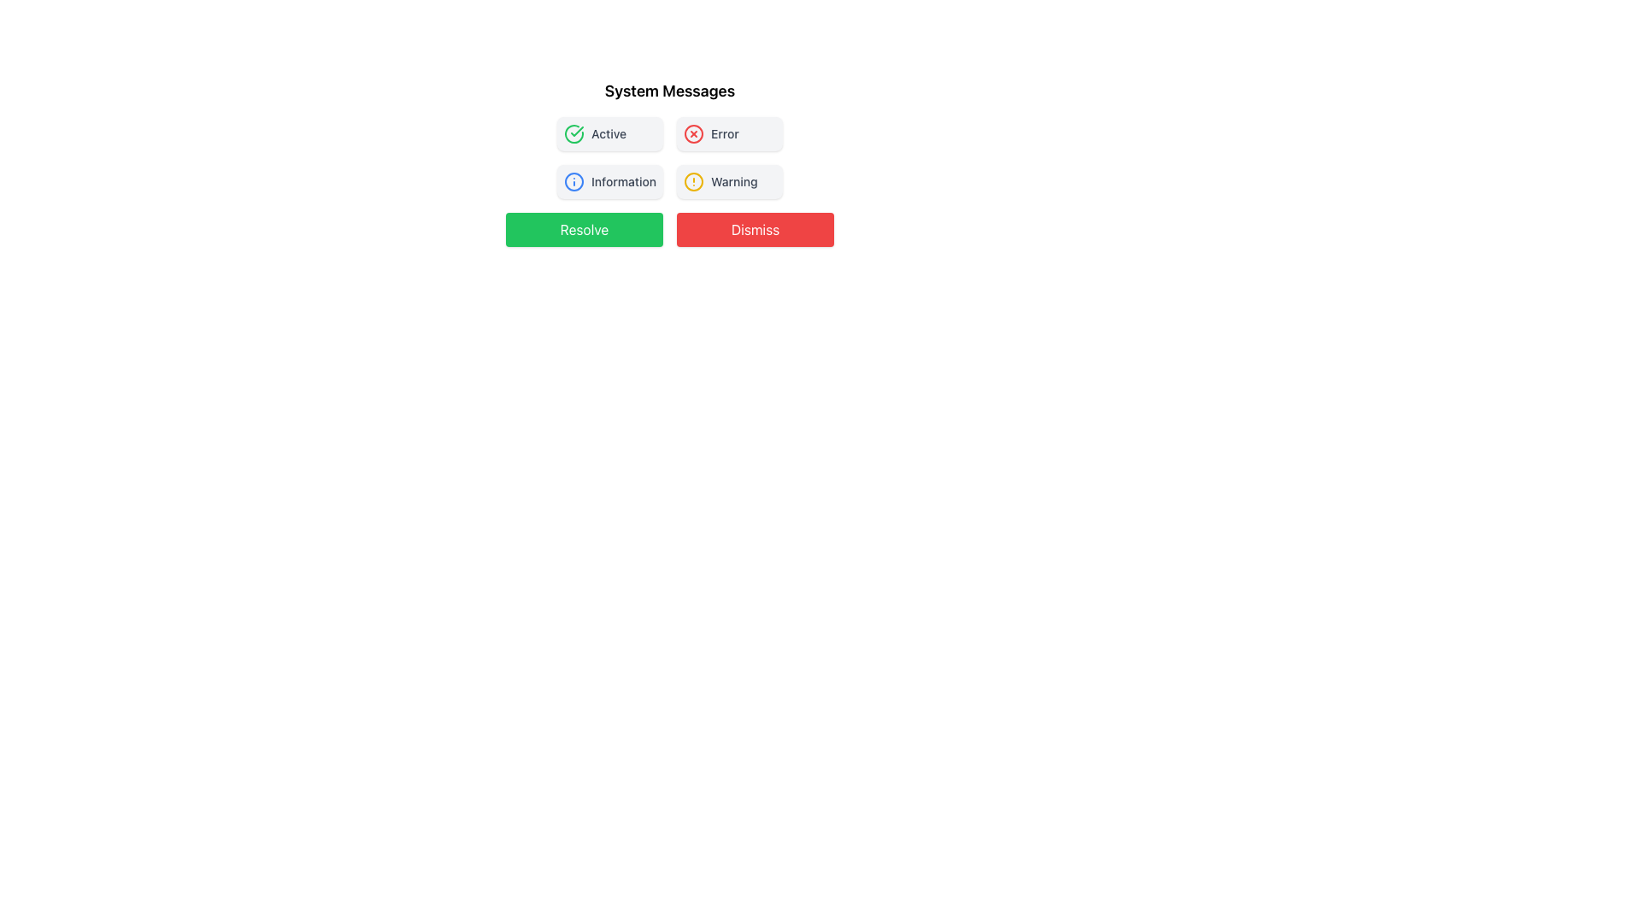 The image size is (1641, 923). I want to click on the 'Active' button in the Grid of buttons with icons and labels, so click(668, 158).